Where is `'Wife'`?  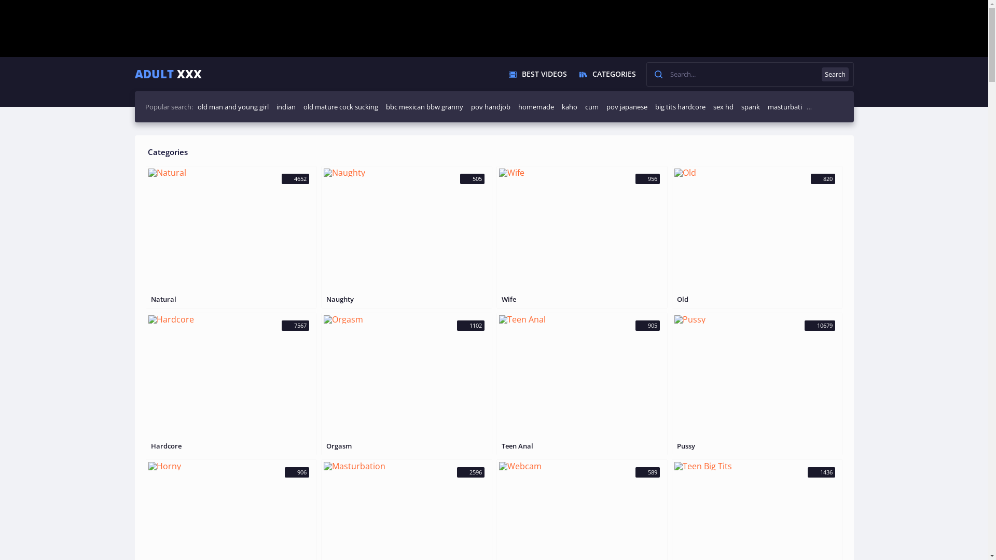
'Wife' is located at coordinates (582, 299).